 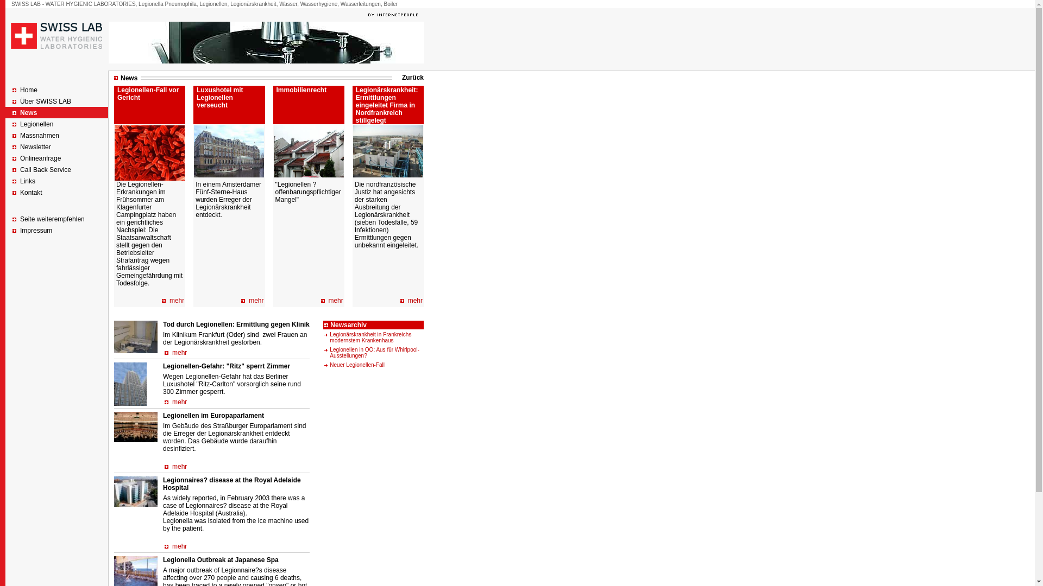 What do you see at coordinates (40, 158) in the screenshot?
I see `'Onlineanfrage'` at bounding box center [40, 158].